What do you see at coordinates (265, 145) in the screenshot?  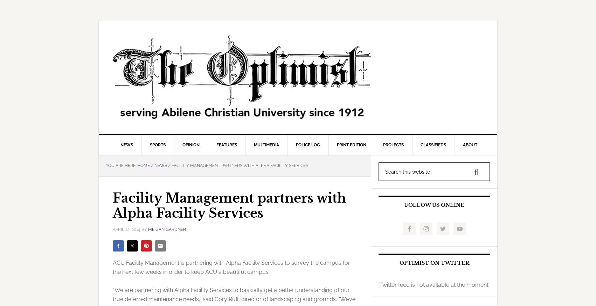 I see `'Multimedia'` at bounding box center [265, 145].